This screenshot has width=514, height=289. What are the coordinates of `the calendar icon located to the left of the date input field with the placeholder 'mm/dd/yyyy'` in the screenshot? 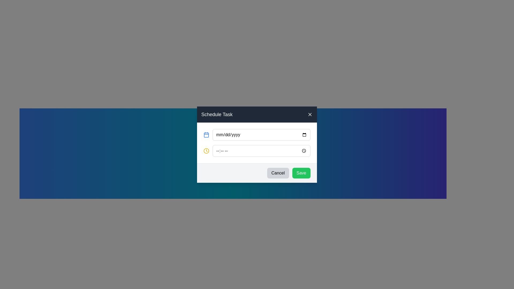 It's located at (206, 134).